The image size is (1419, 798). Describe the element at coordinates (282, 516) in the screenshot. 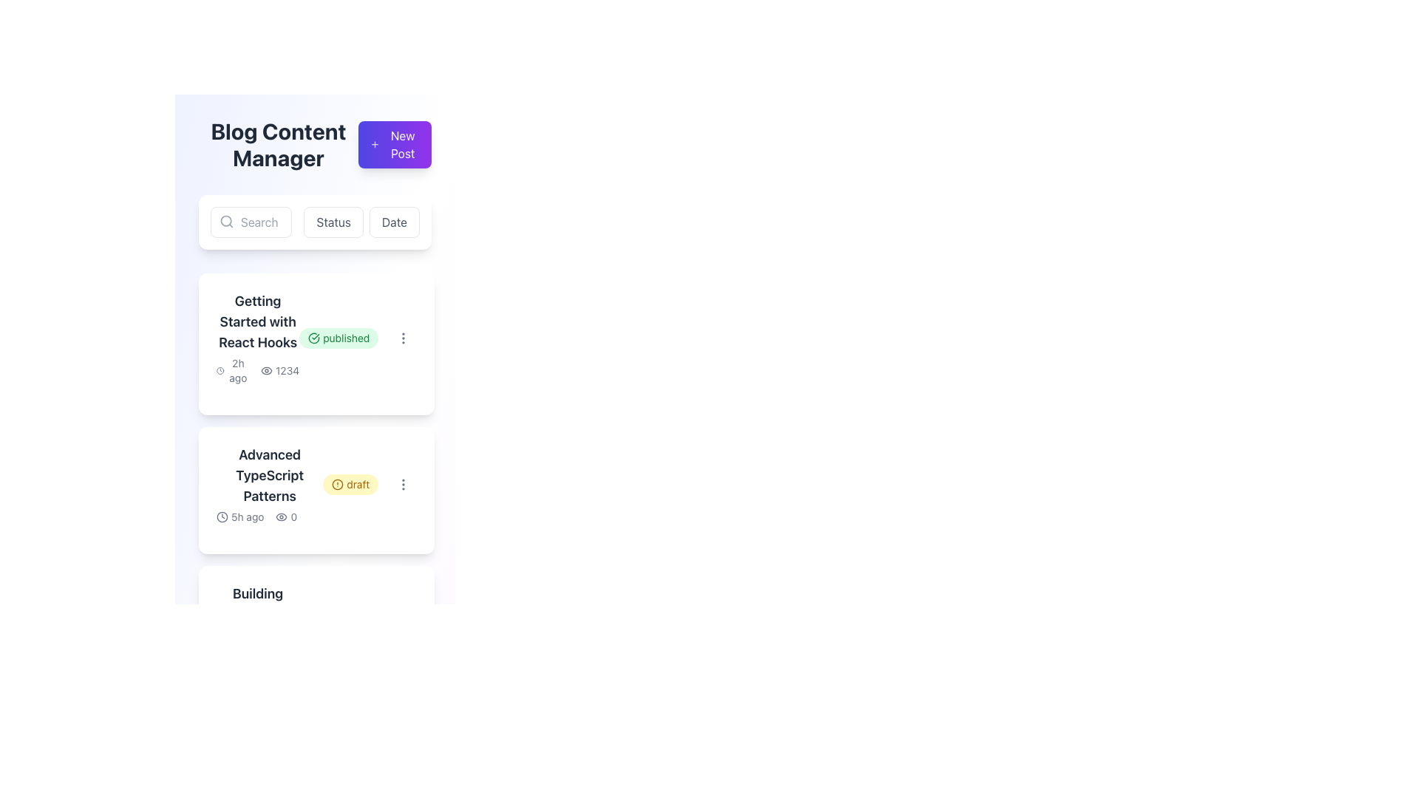

I see `the eye-shaped visibility icon located to the left of the numeric badge displaying '0' within the 'Advanced TypeScript Patterns' card, if it is actionable` at that location.